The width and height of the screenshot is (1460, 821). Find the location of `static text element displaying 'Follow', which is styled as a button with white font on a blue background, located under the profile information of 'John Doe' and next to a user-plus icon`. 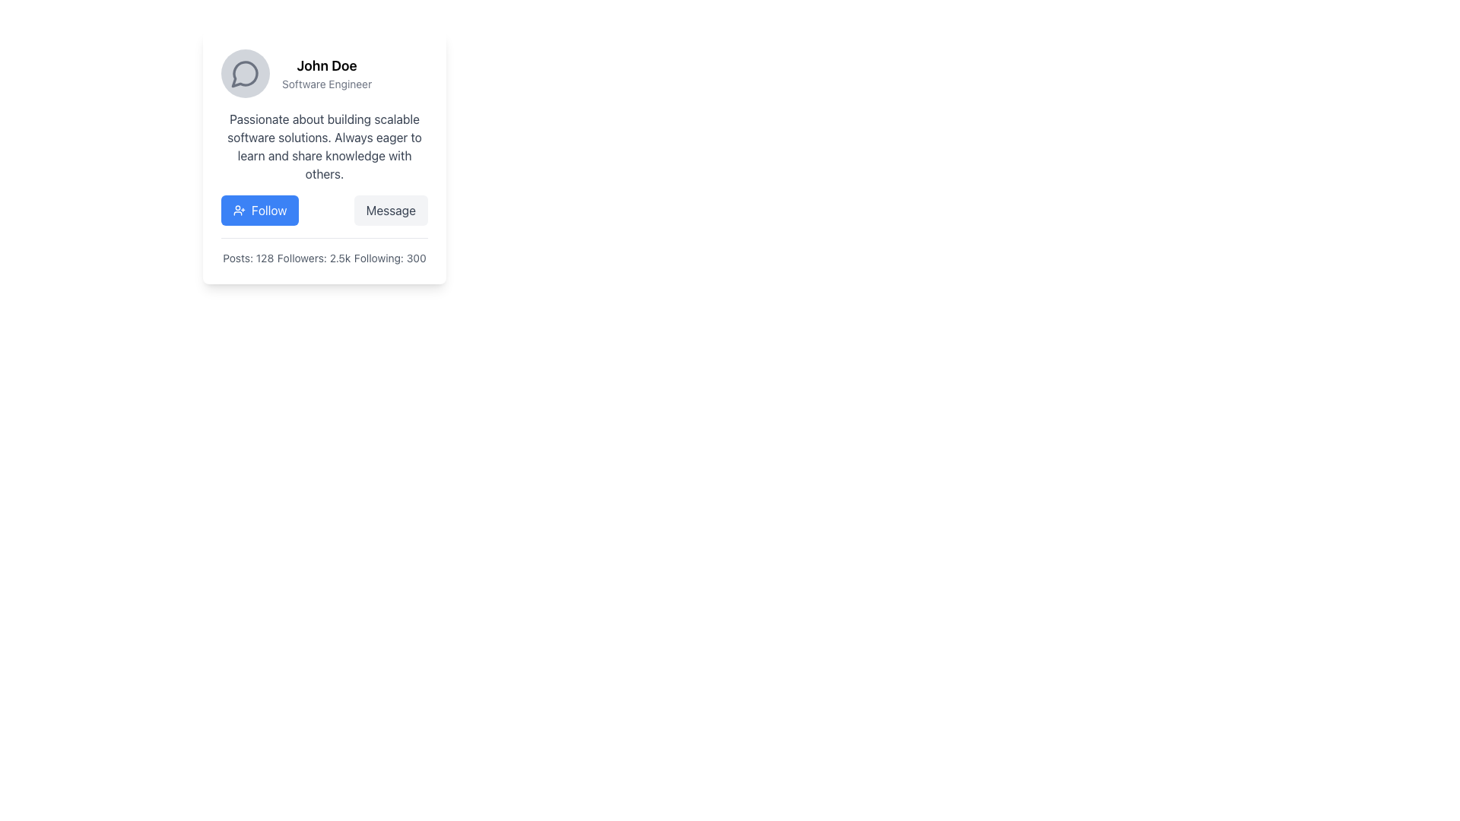

static text element displaying 'Follow', which is styled as a button with white font on a blue background, located under the profile information of 'John Doe' and next to a user-plus icon is located at coordinates (269, 211).